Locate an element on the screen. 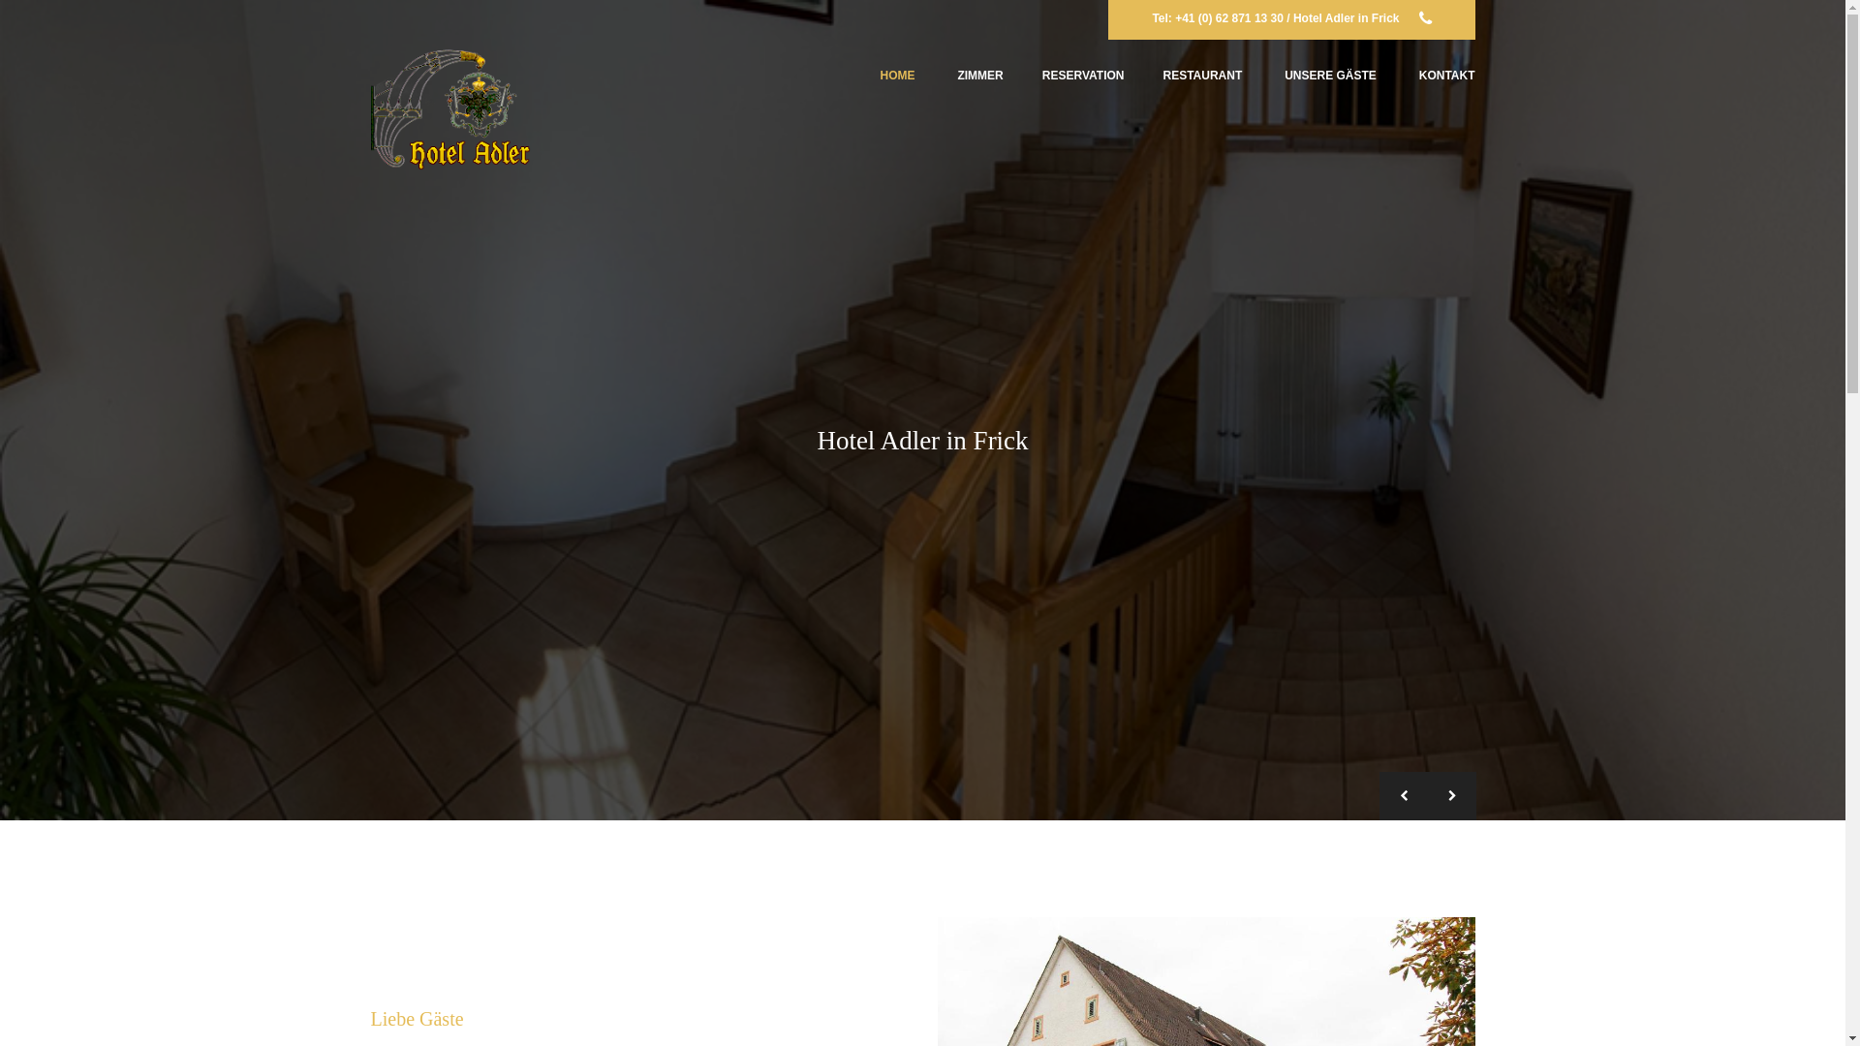 The height and width of the screenshot is (1046, 1860). 'KONTAKT' is located at coordinates (1418, 75).